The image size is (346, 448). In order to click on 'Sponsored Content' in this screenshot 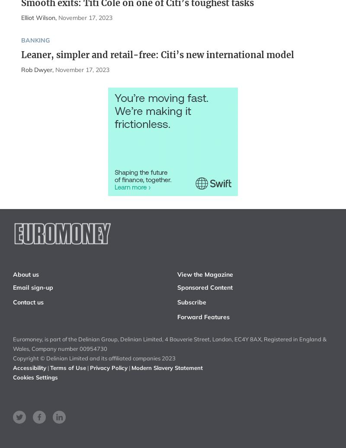, I will do `click(205, 287)`.